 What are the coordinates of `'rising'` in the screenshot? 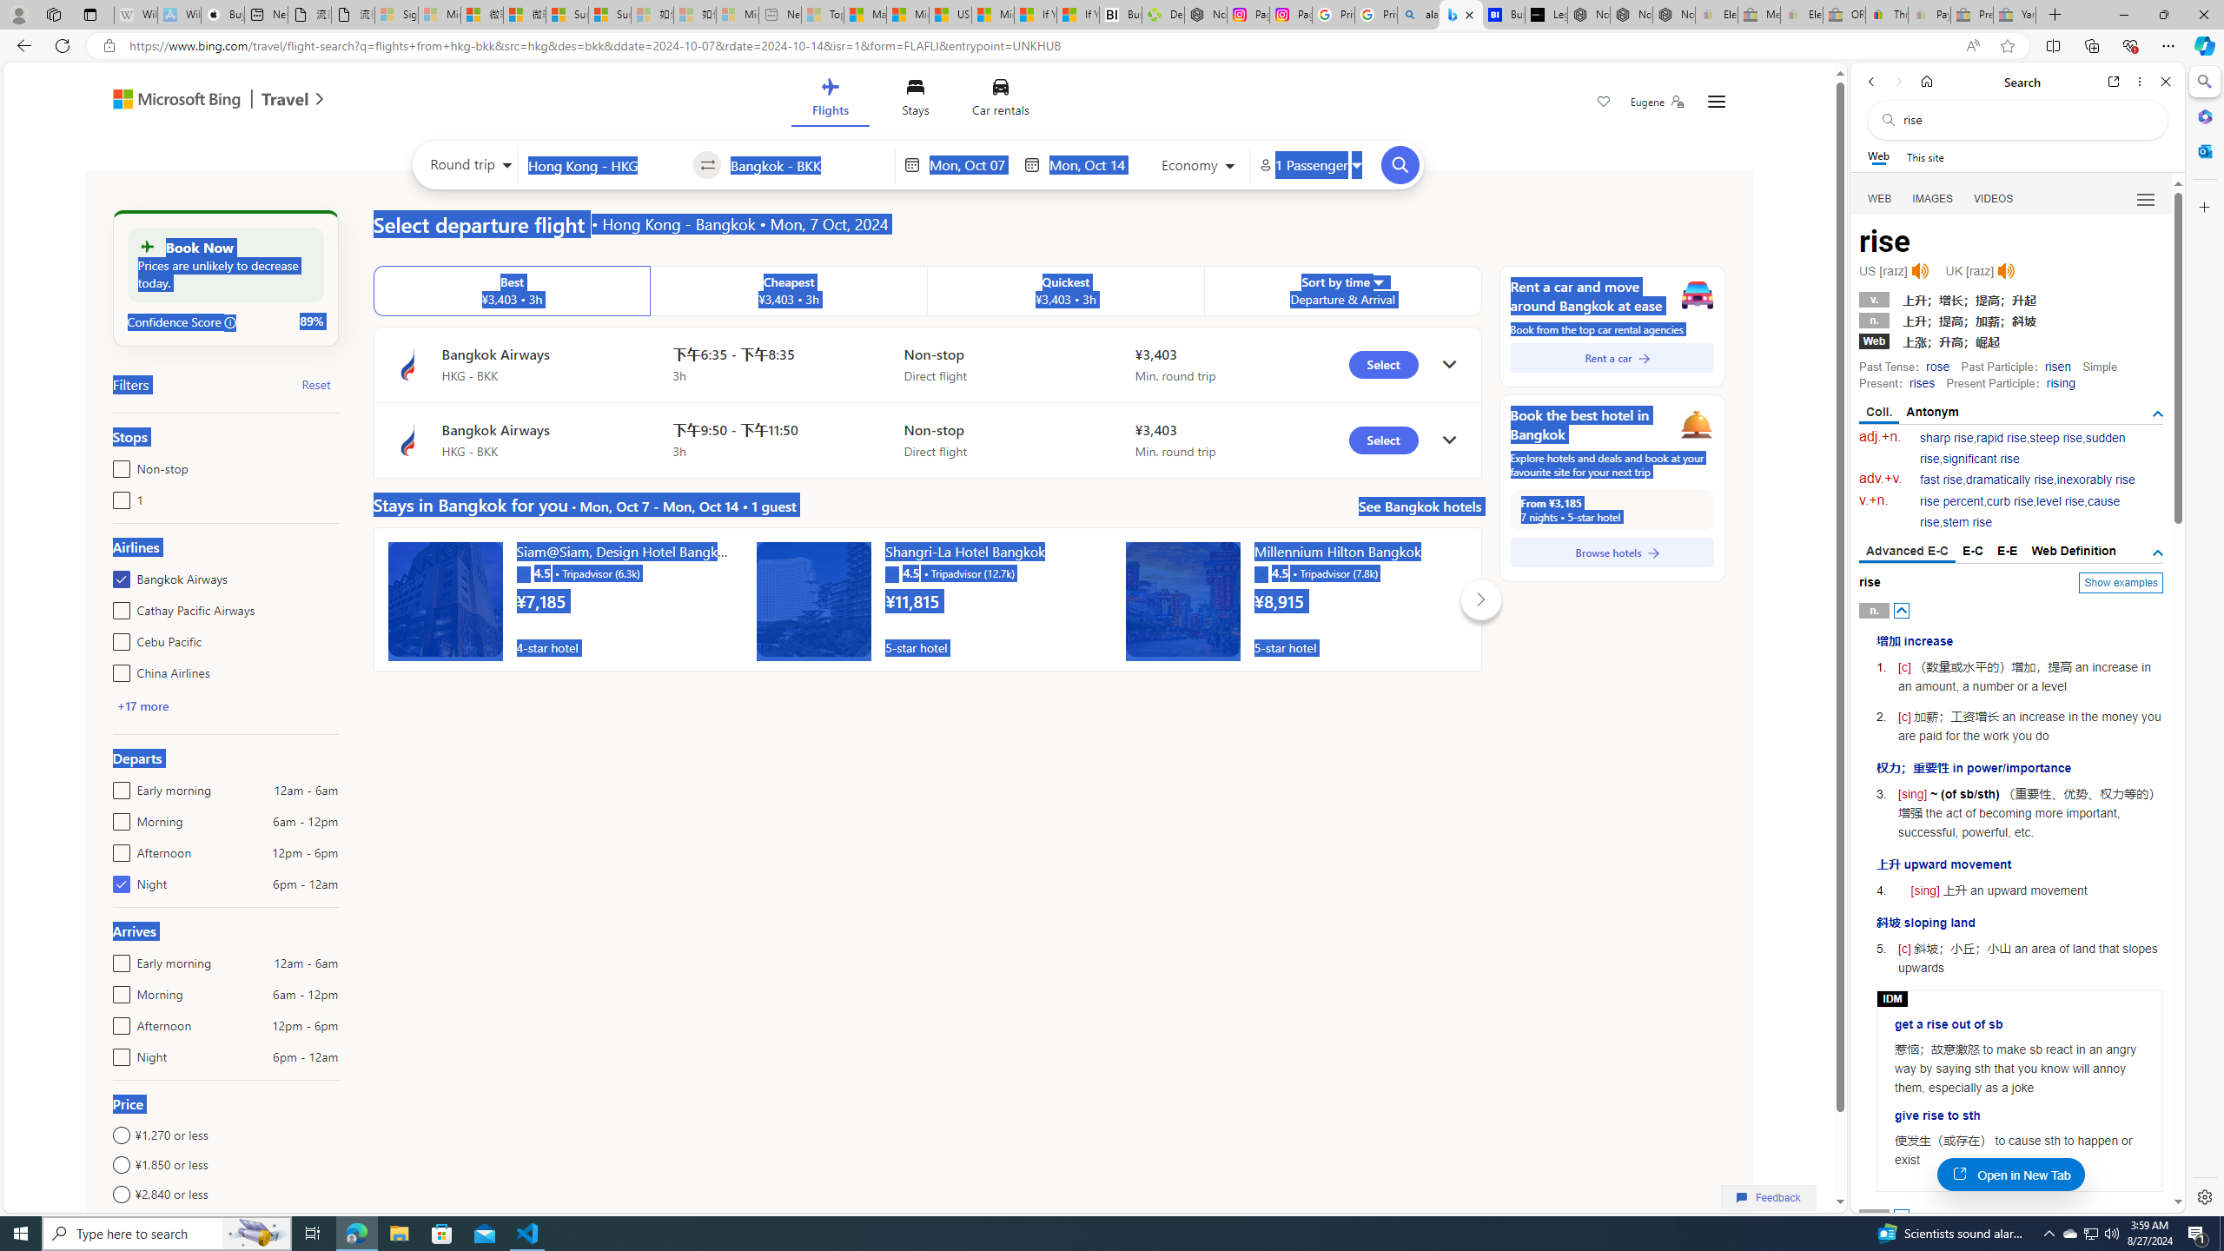 It's located at (2060, 382).